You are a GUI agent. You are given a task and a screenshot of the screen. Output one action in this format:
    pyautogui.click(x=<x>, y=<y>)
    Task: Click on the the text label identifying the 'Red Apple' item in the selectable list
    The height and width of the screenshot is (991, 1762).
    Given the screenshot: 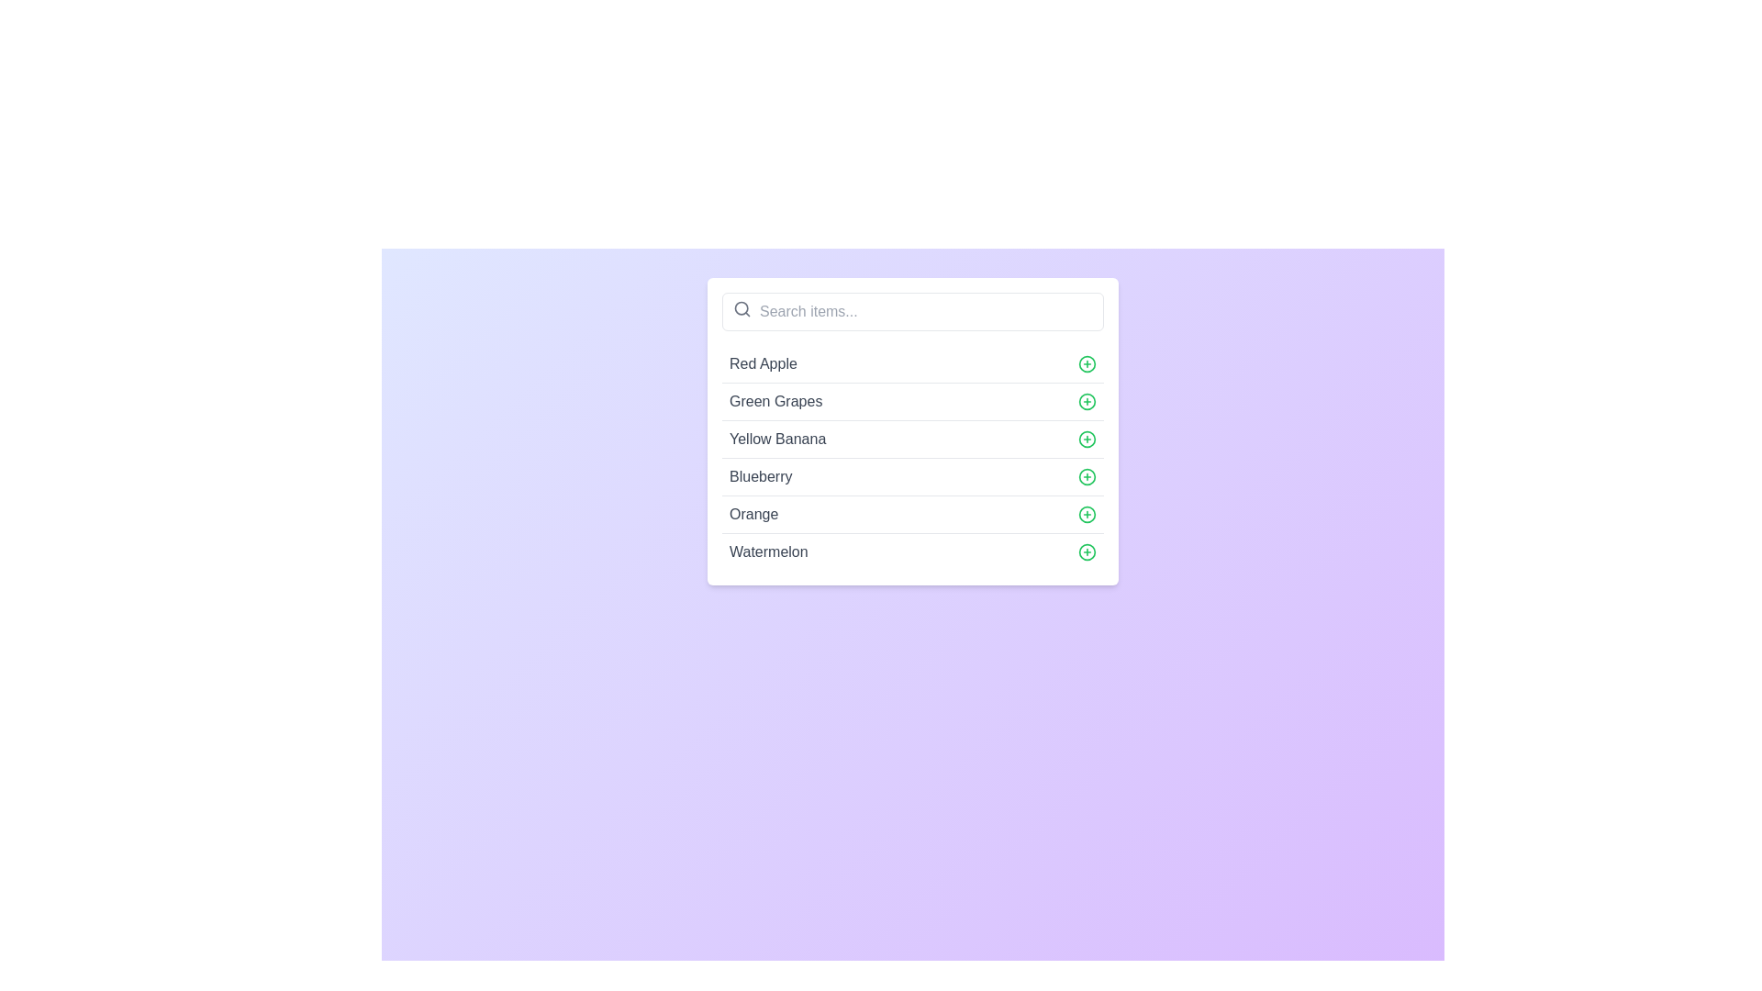 What is the action you would take?
    pyautogui.click(x=763, y=364)
    